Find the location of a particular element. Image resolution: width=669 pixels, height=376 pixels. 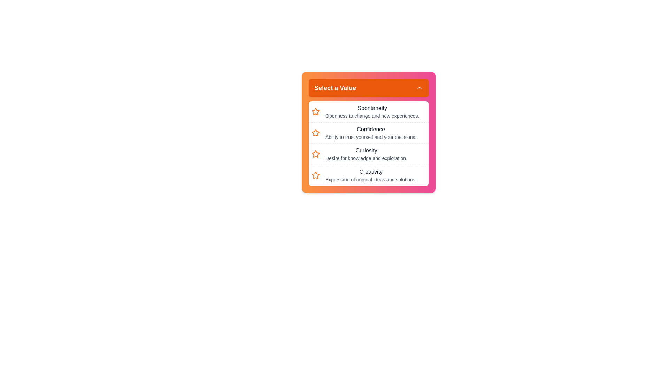

the 'Confidence' option in the dropdown menu is located at coordinates (368, 133).